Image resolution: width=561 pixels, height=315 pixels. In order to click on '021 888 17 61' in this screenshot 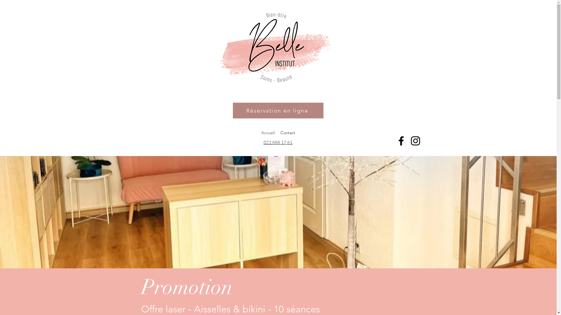, I will do `click(263, 142)`.